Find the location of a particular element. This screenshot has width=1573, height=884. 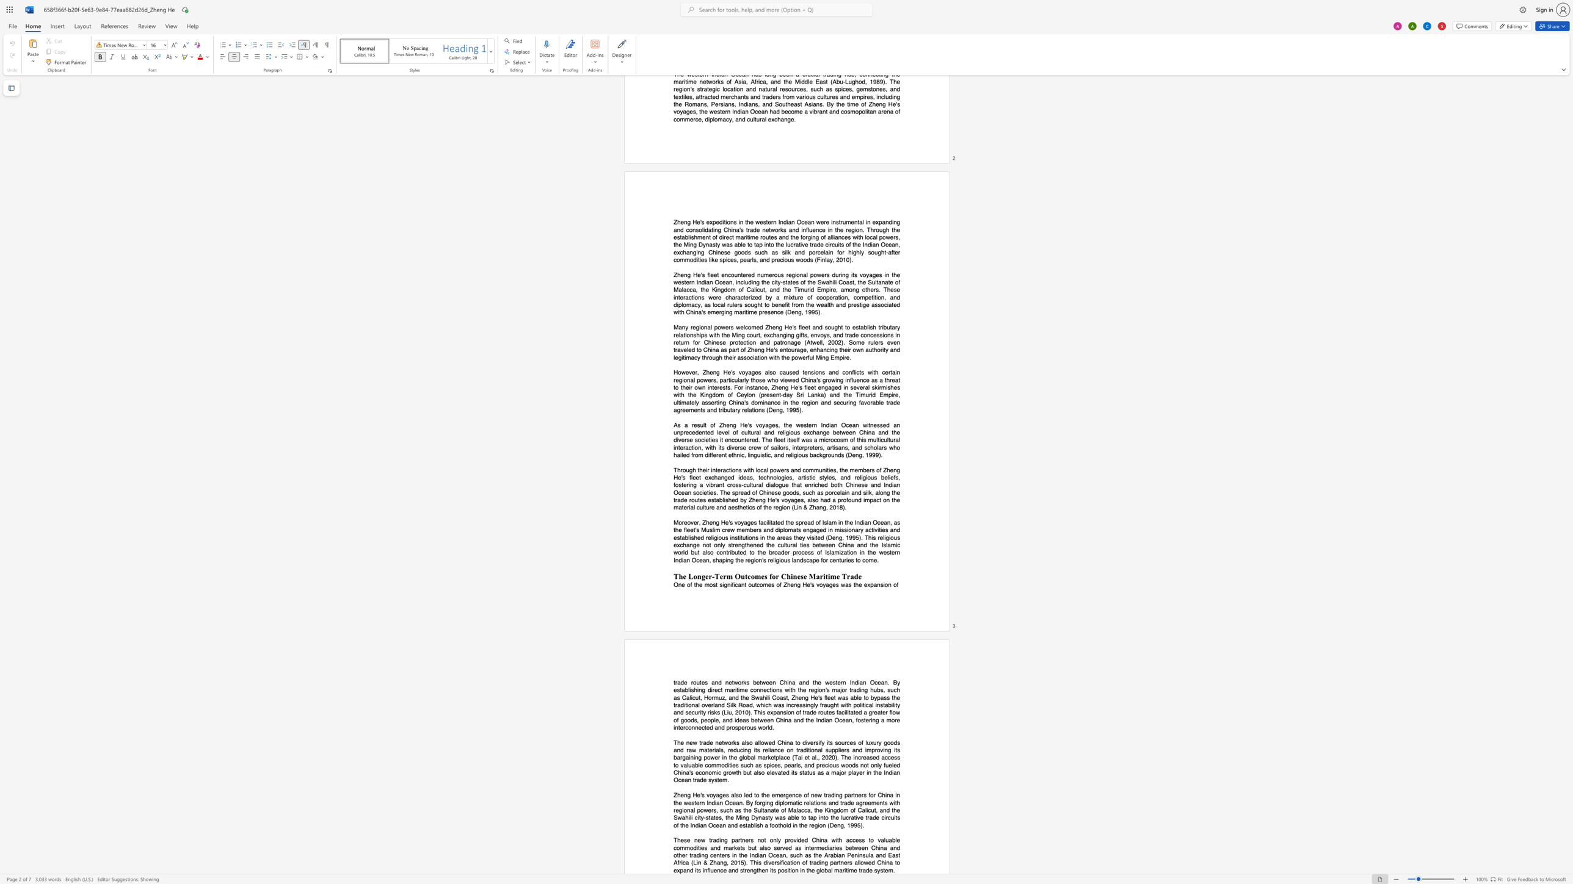

the subset text "xp" within the text "These new trading partners not only provided China with access to valuable commodities and markets but also served as intermediaries between China and other trading centers in the Indian Ocean, such as the Arabian Peninsula and East Africa (Lin & Zhang, 2015). This diversification of trading partners allowed China to expand its influence and strengthen its position in the global maritime trade system." is located at coordinates (677, 870).